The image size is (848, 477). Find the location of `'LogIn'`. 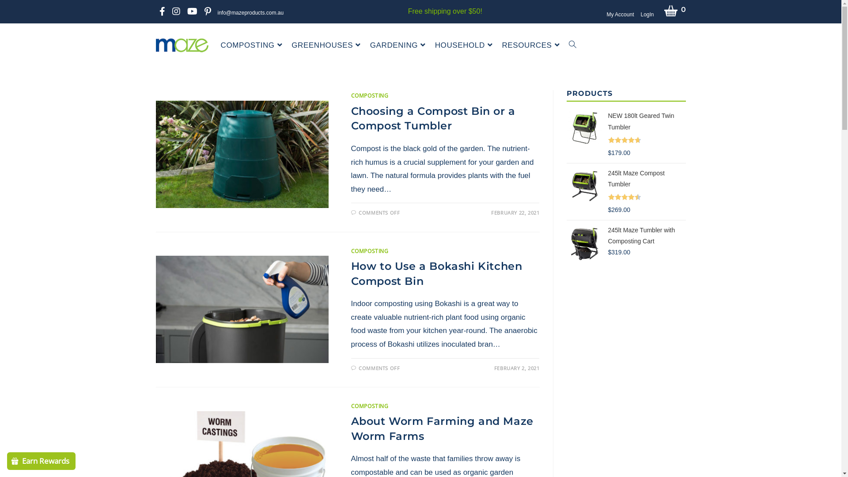

'LogIn' is located at coordinates (647, 15).